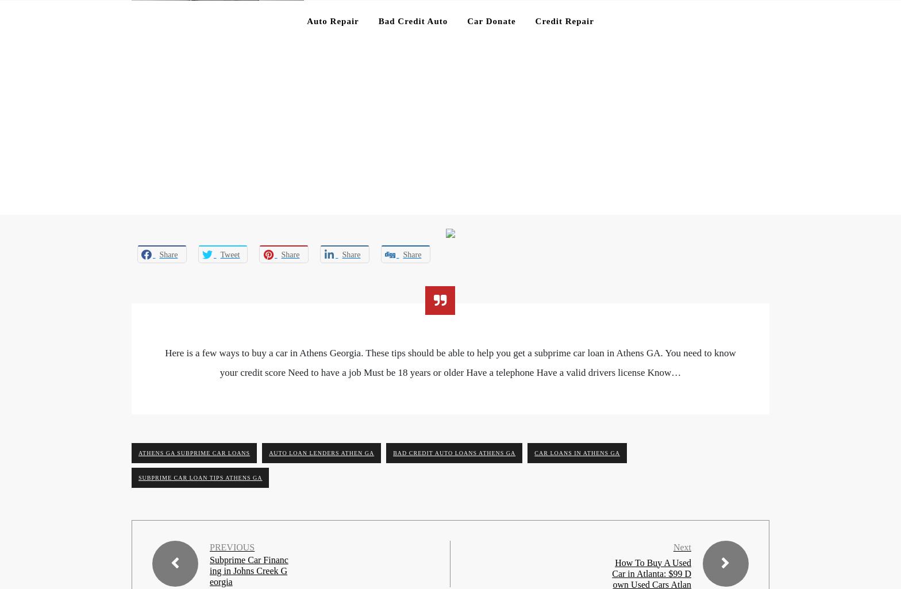 This screenshot has width=901, height=589. Describe the element at coordinates (146, 412) in the screenshot. I see `'Website'` at that location.